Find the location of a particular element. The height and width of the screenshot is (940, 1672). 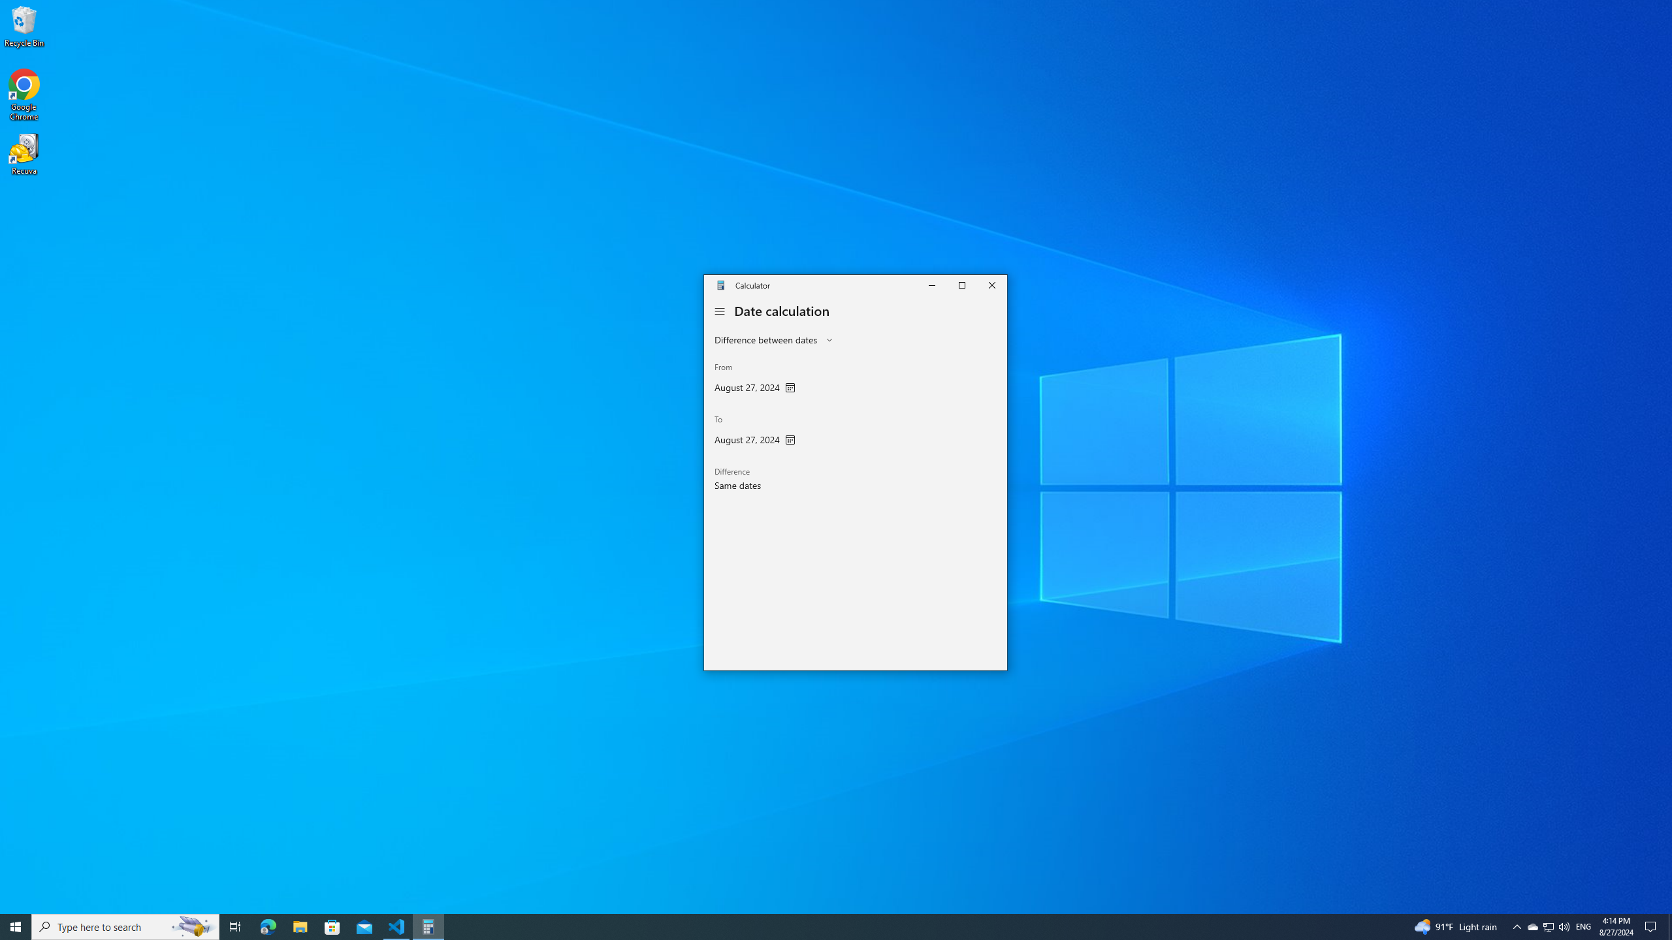

'Calculator - 1 running window' is located at coordinates (428, 926).